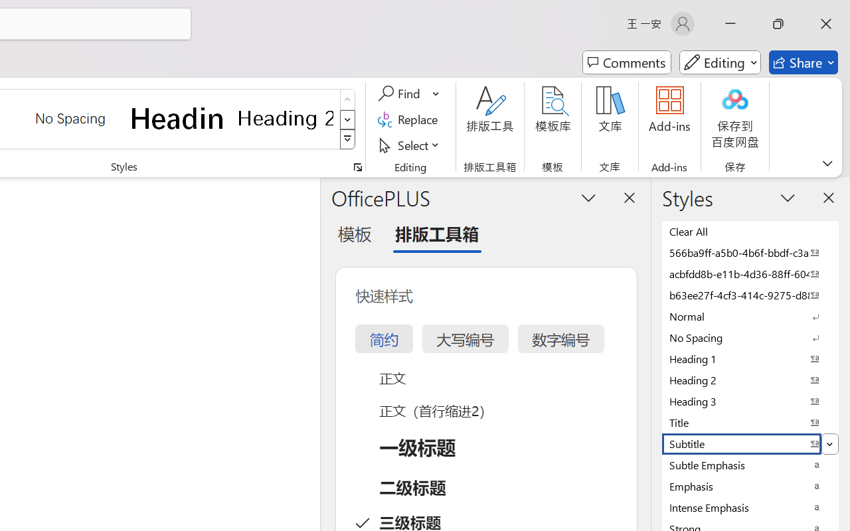 The height and width of the screenshot is (531, 850). Describe the element at coordinates (750, 231) in the screenshot. I see `'Clear All'` at that location.